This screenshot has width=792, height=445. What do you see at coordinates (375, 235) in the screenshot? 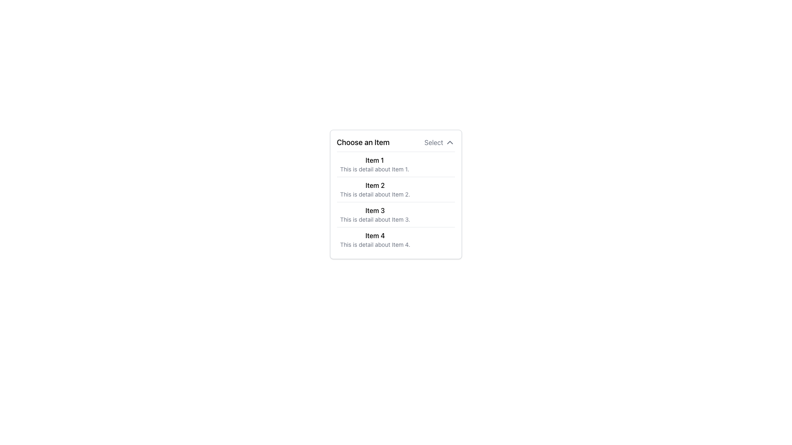
I see `the text label reading 'Item 4'` at bounding box center [375, 235].